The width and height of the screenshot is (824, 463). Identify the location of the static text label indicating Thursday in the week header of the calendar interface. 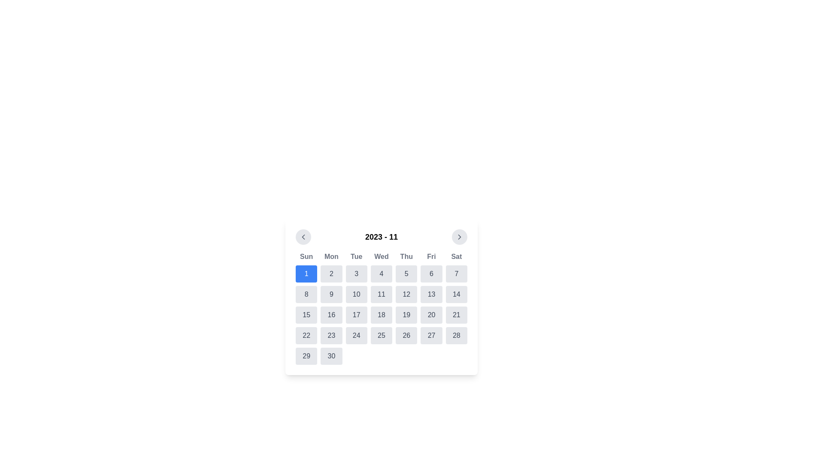
(406, 256).